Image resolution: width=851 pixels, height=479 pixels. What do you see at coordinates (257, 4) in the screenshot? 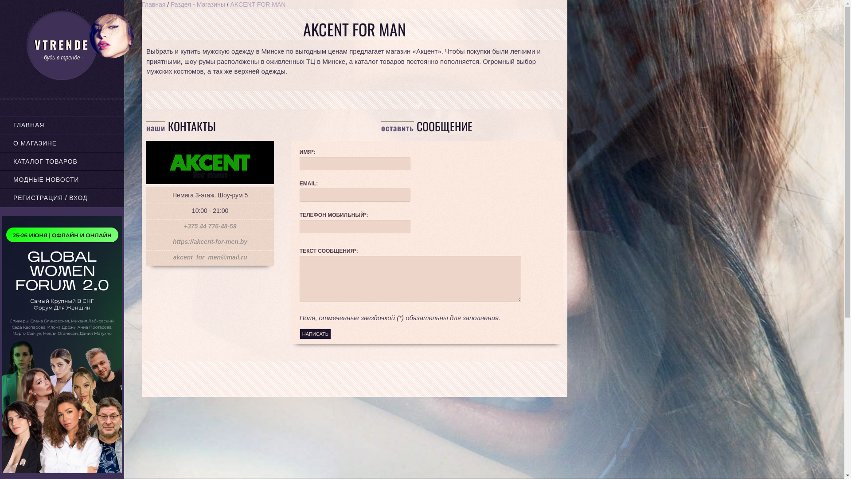
I see `'AKCENT FOR MAN'` at bounding box center [257, 4].